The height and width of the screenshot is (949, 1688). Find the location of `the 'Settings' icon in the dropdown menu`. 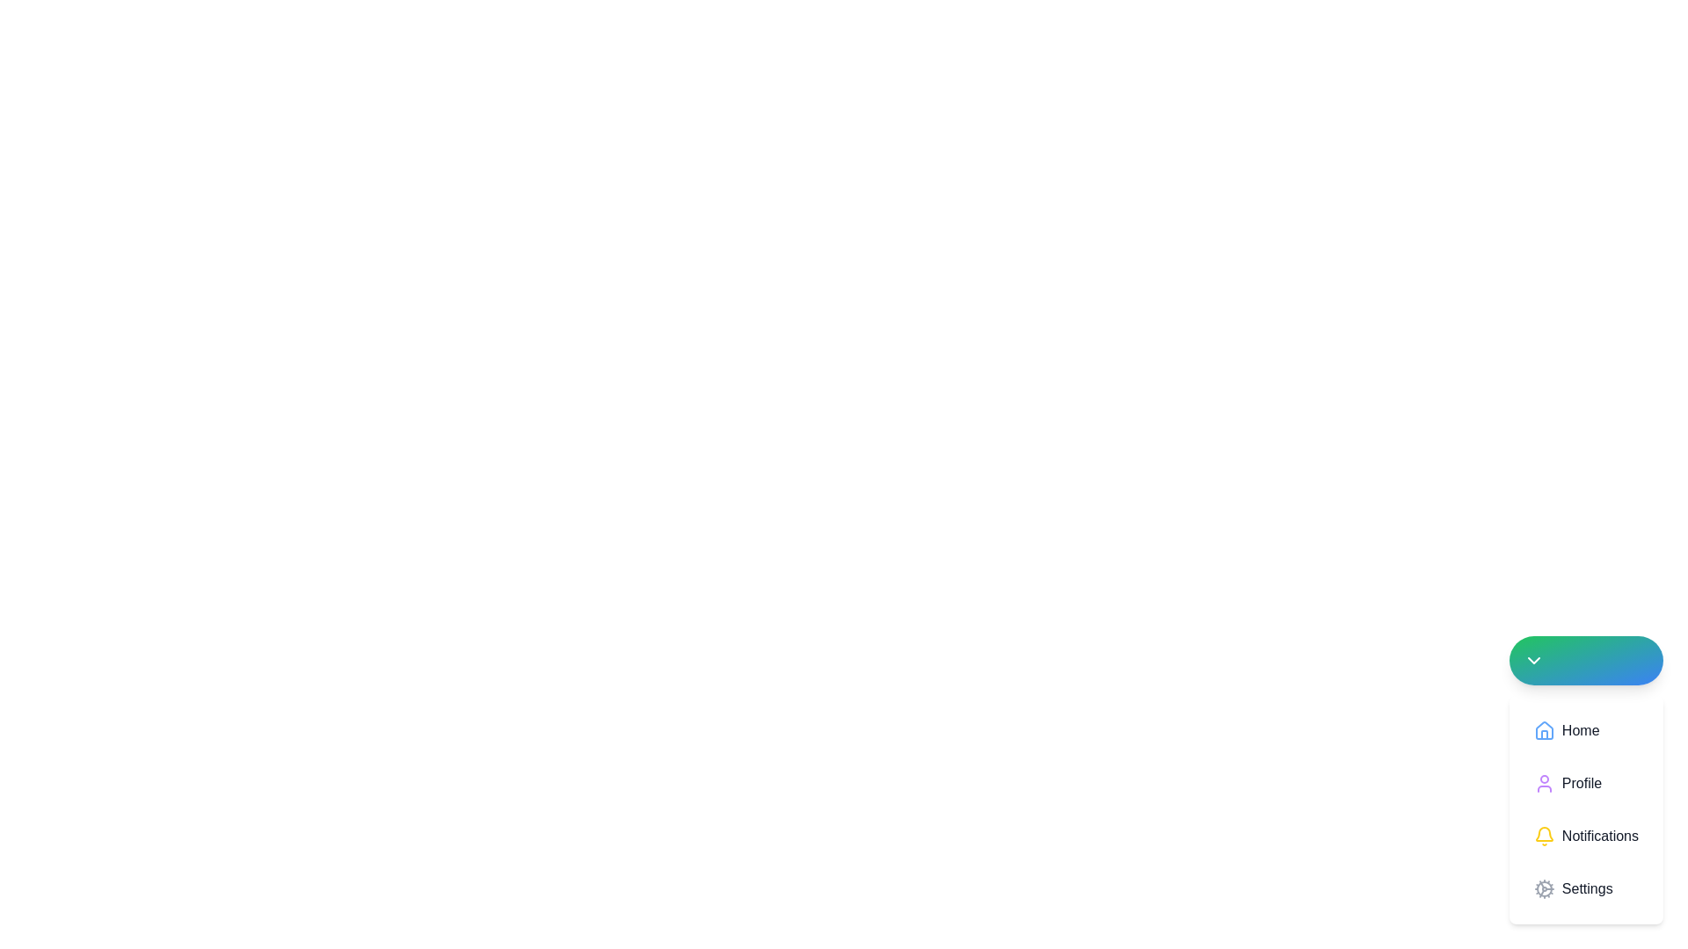

the 'Settings' icon in the dropdown menu is located at coordinates (1543, 888).